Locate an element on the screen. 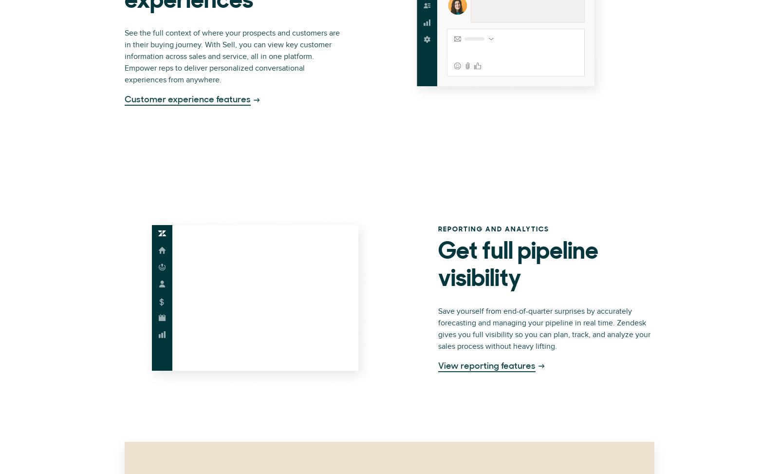 Image resolution: width=779 pixels, height=474 pixels. 'Investors' is located at coordinates (495, 56).